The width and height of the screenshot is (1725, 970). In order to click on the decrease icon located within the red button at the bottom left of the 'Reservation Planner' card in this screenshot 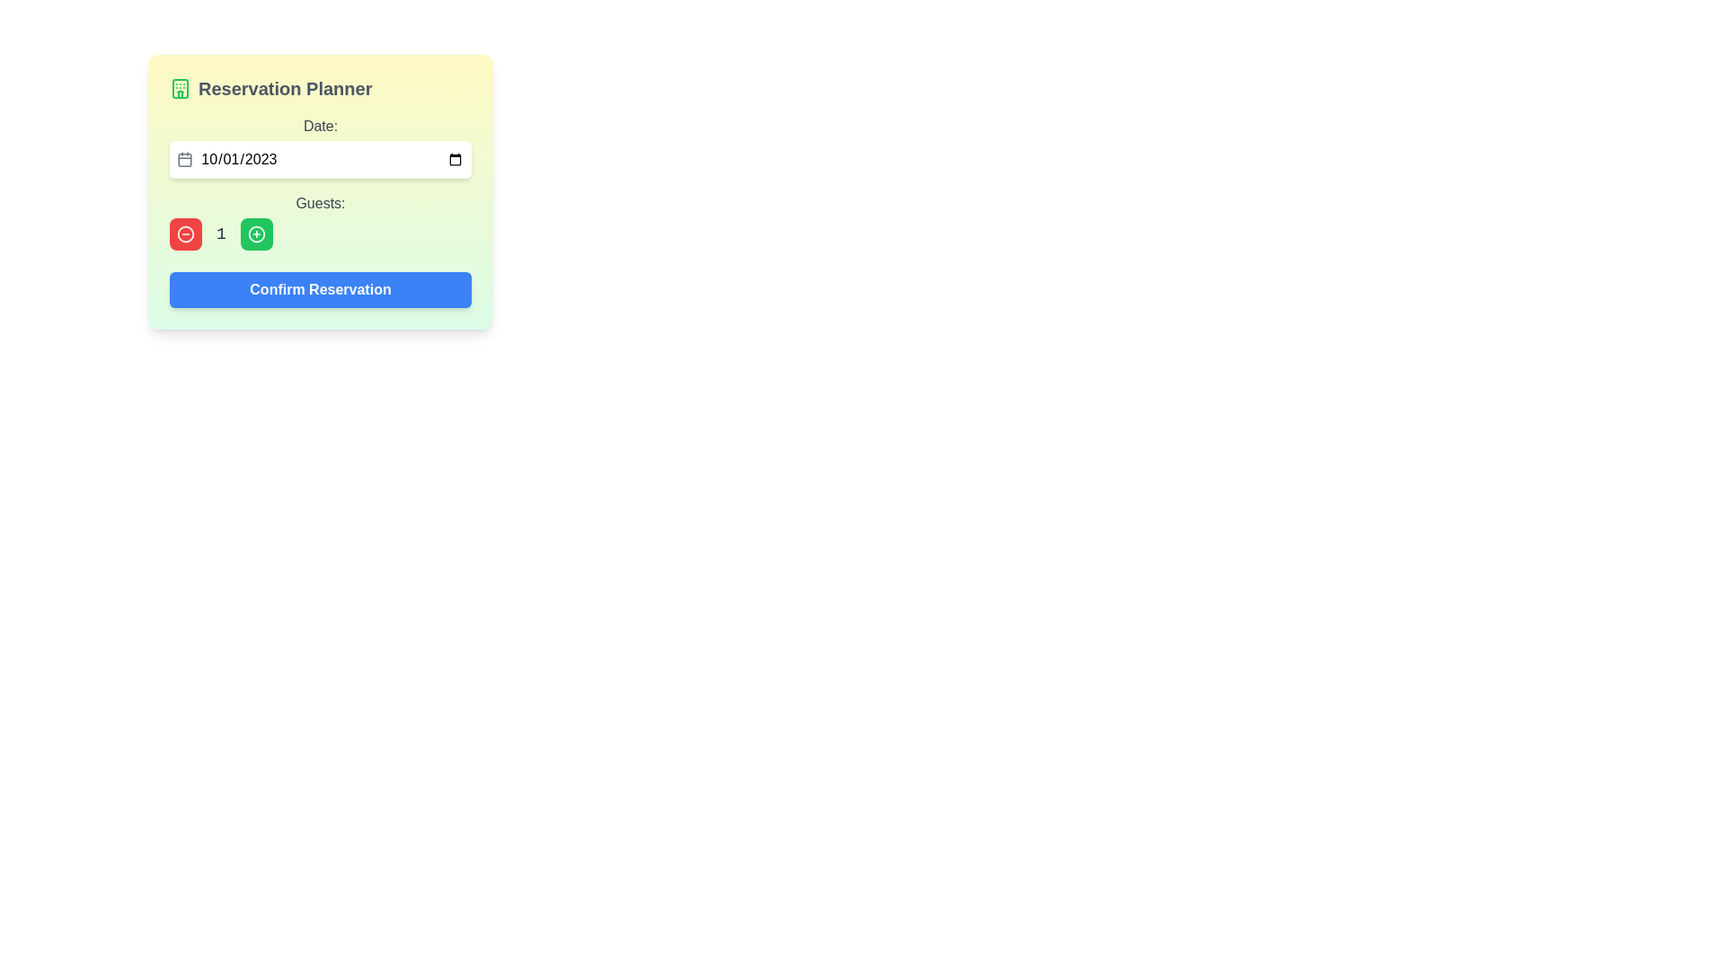, I will do `click(185, 234)`.